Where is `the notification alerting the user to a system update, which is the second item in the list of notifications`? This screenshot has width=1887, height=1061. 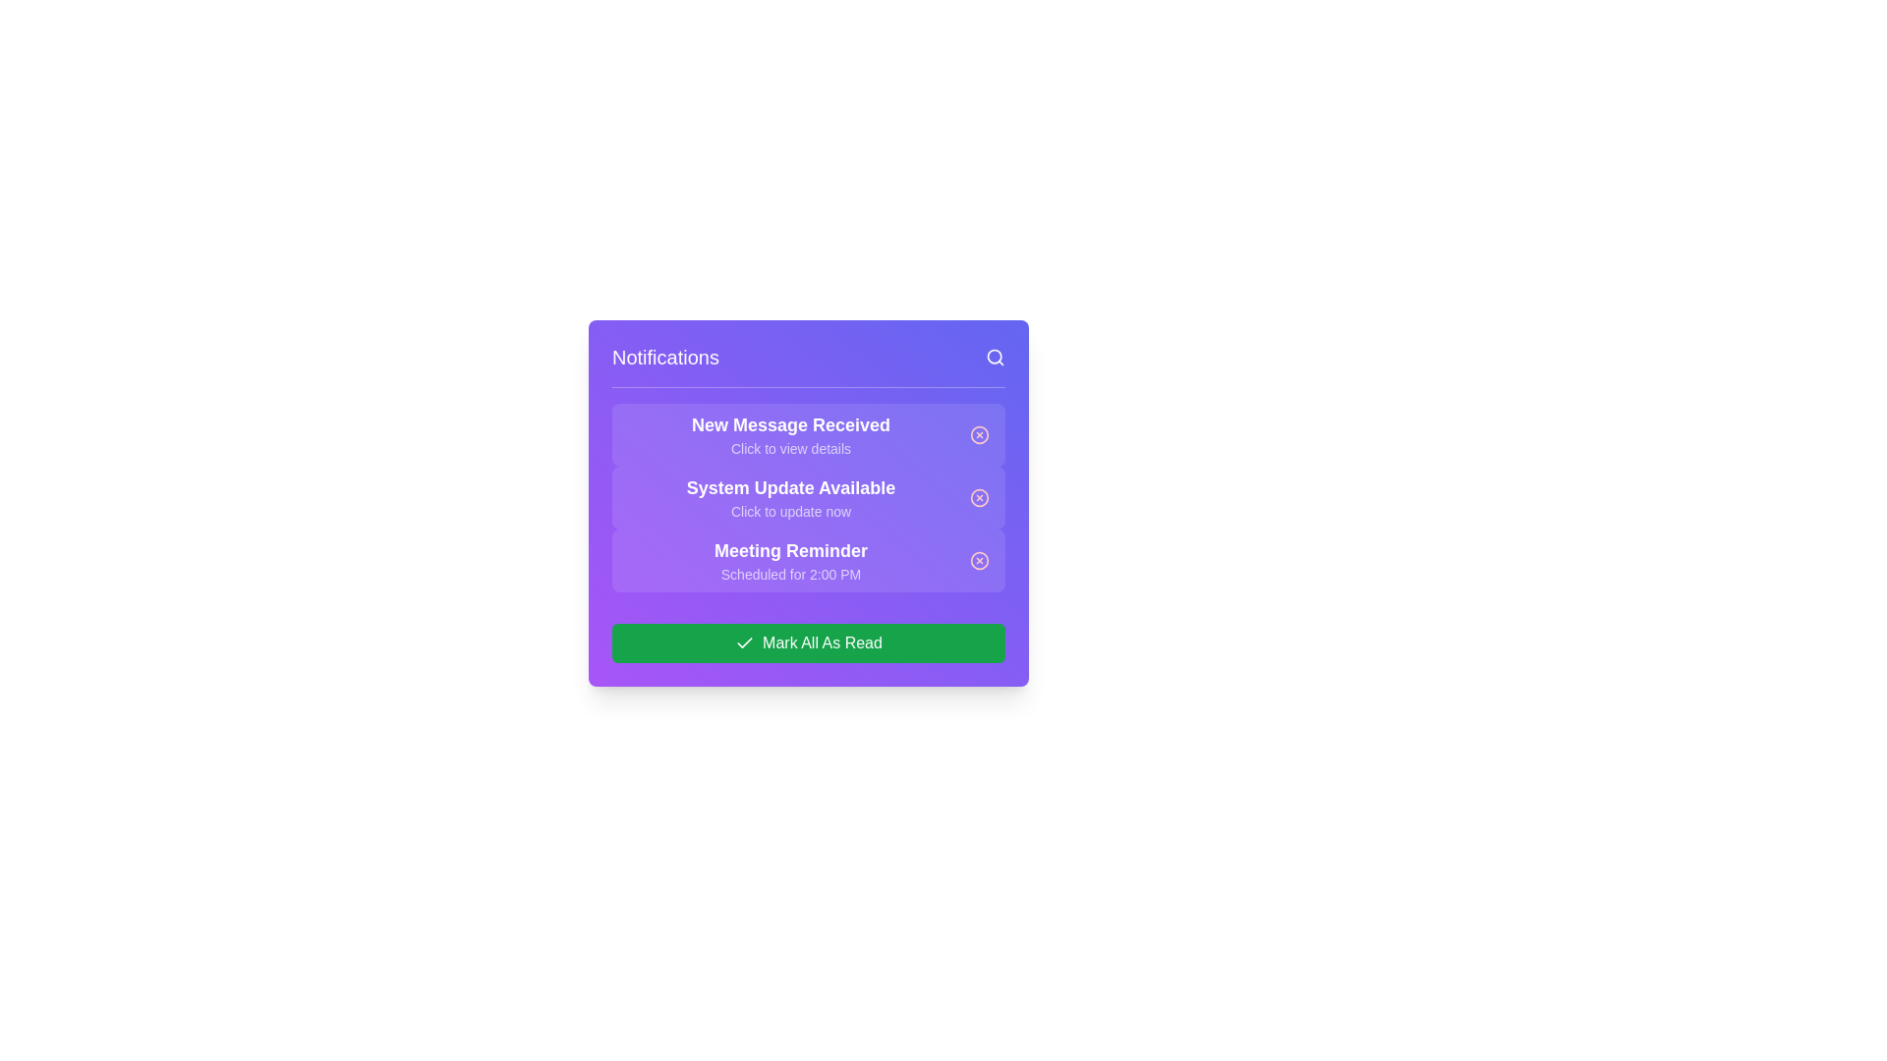 the notification alerting the user to a system update, which is the second item in the list of notifications is located at coordinates (791, 496).